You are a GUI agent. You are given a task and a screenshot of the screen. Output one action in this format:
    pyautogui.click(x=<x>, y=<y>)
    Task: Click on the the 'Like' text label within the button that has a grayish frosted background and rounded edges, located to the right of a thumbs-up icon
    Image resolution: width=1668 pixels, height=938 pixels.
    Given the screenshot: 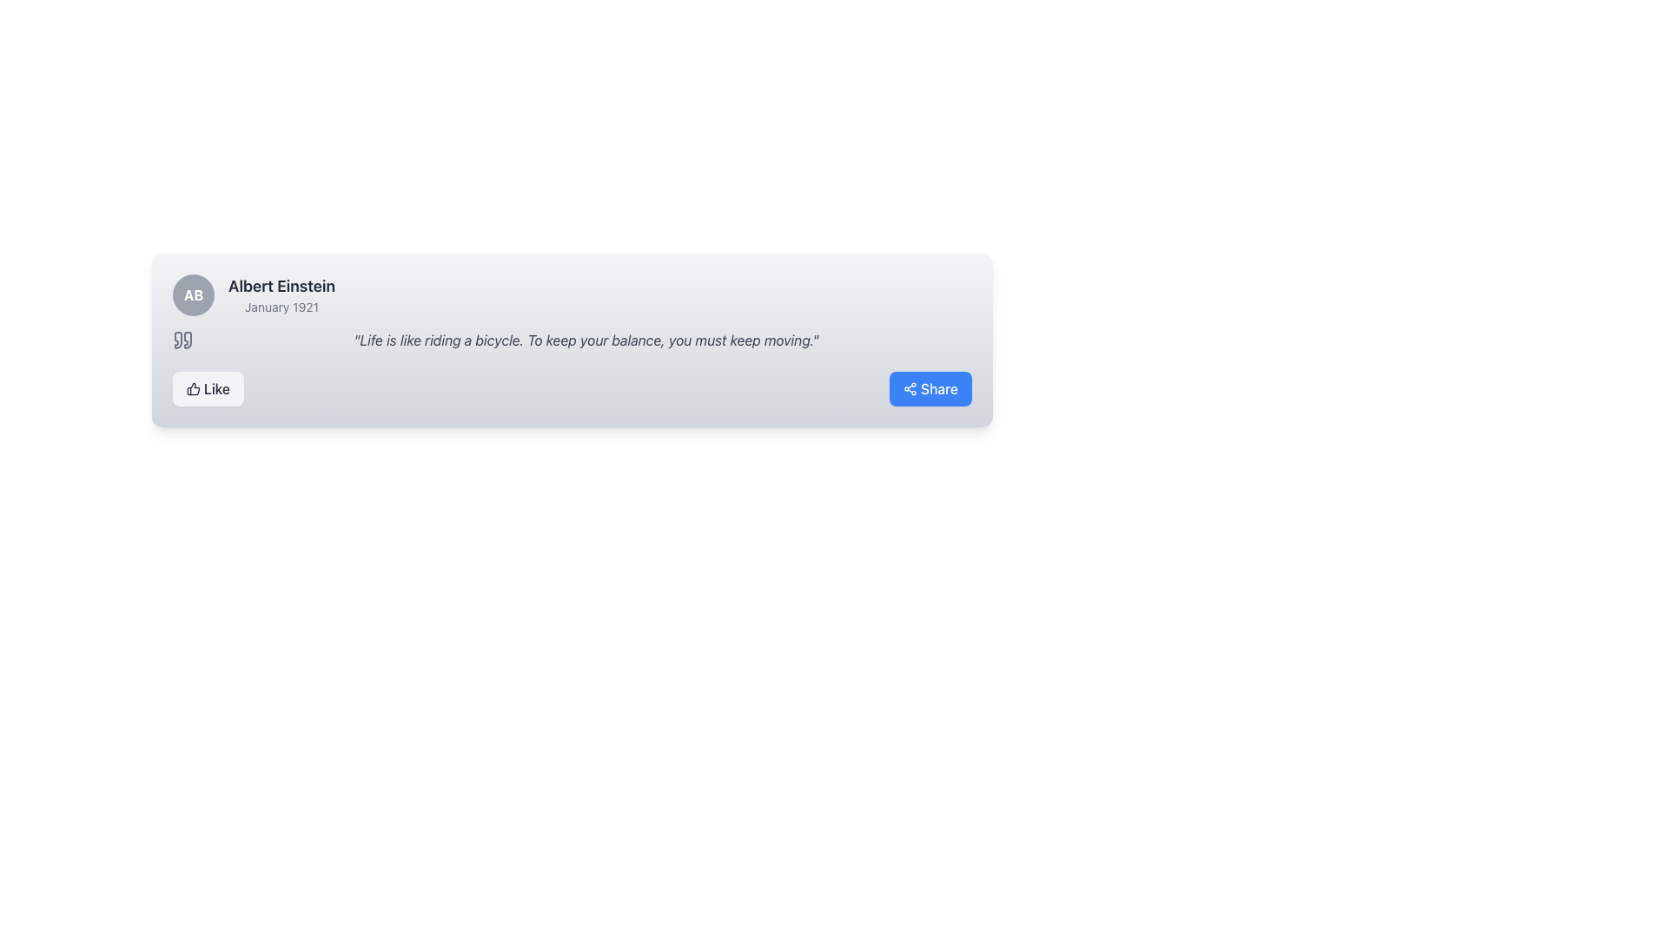 What is the action you would take?
    pyautogui.click(x=215, y=387)
    